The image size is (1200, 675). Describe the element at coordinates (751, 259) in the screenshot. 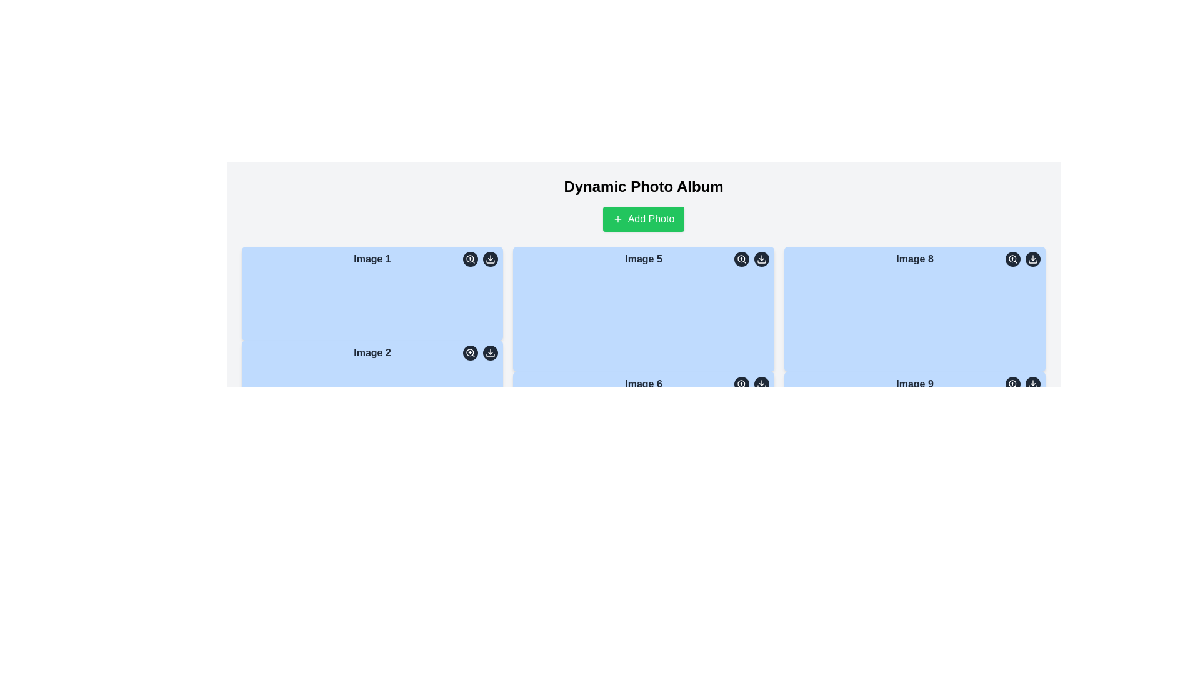

I see `the left button in the button group for zooming functionality, located in the upper-right corner of the card labeled 'Image 5'` at that location.